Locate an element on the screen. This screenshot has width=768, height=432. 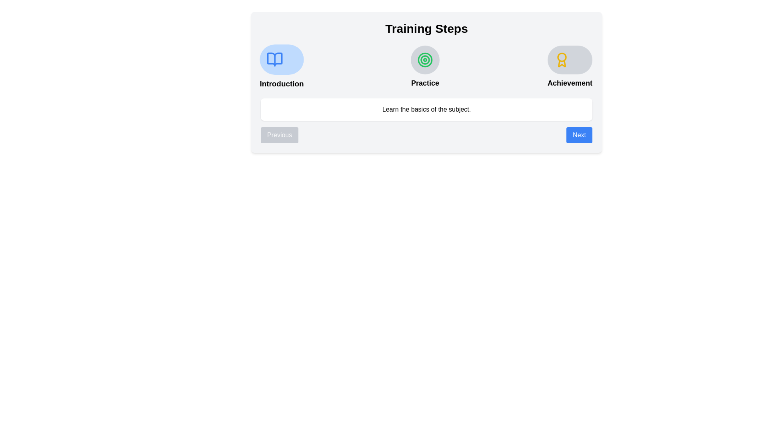
the 'Practice' step icon to view its details is located at coordinates (424, 60).